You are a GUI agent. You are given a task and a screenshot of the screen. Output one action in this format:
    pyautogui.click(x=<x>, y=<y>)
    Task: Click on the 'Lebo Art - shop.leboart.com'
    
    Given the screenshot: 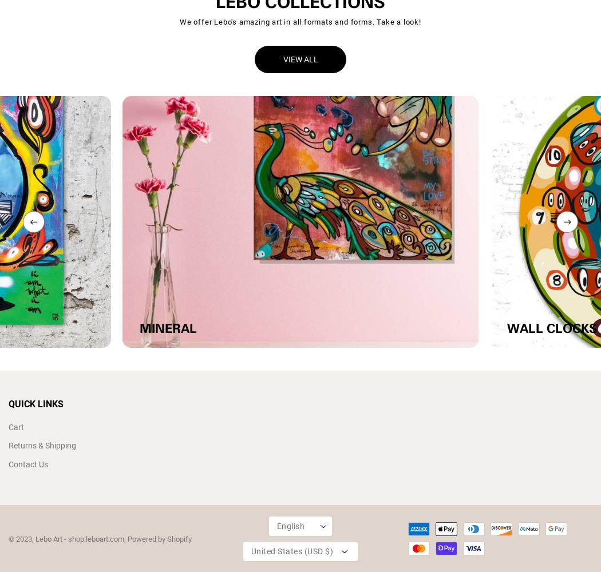 What is the action you would take?
    pyautogui.click(x=34, y=538)
    